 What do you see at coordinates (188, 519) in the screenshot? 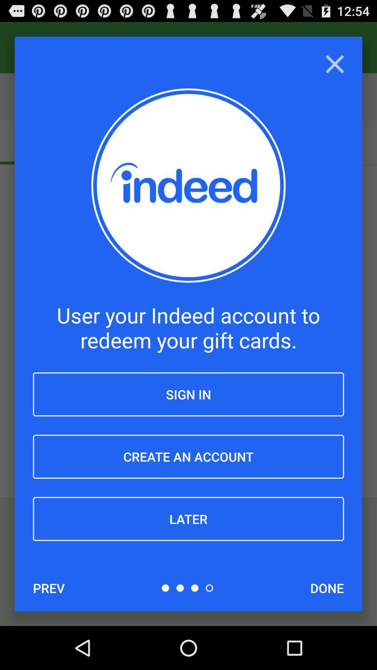
I see `the item below the create an account icon` at bounding box center [188, 519].